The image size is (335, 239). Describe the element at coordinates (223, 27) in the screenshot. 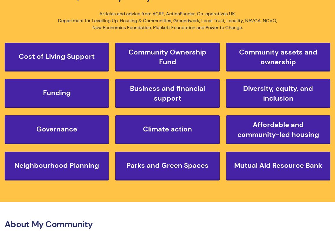

I see `'Power to Change'` at that location.